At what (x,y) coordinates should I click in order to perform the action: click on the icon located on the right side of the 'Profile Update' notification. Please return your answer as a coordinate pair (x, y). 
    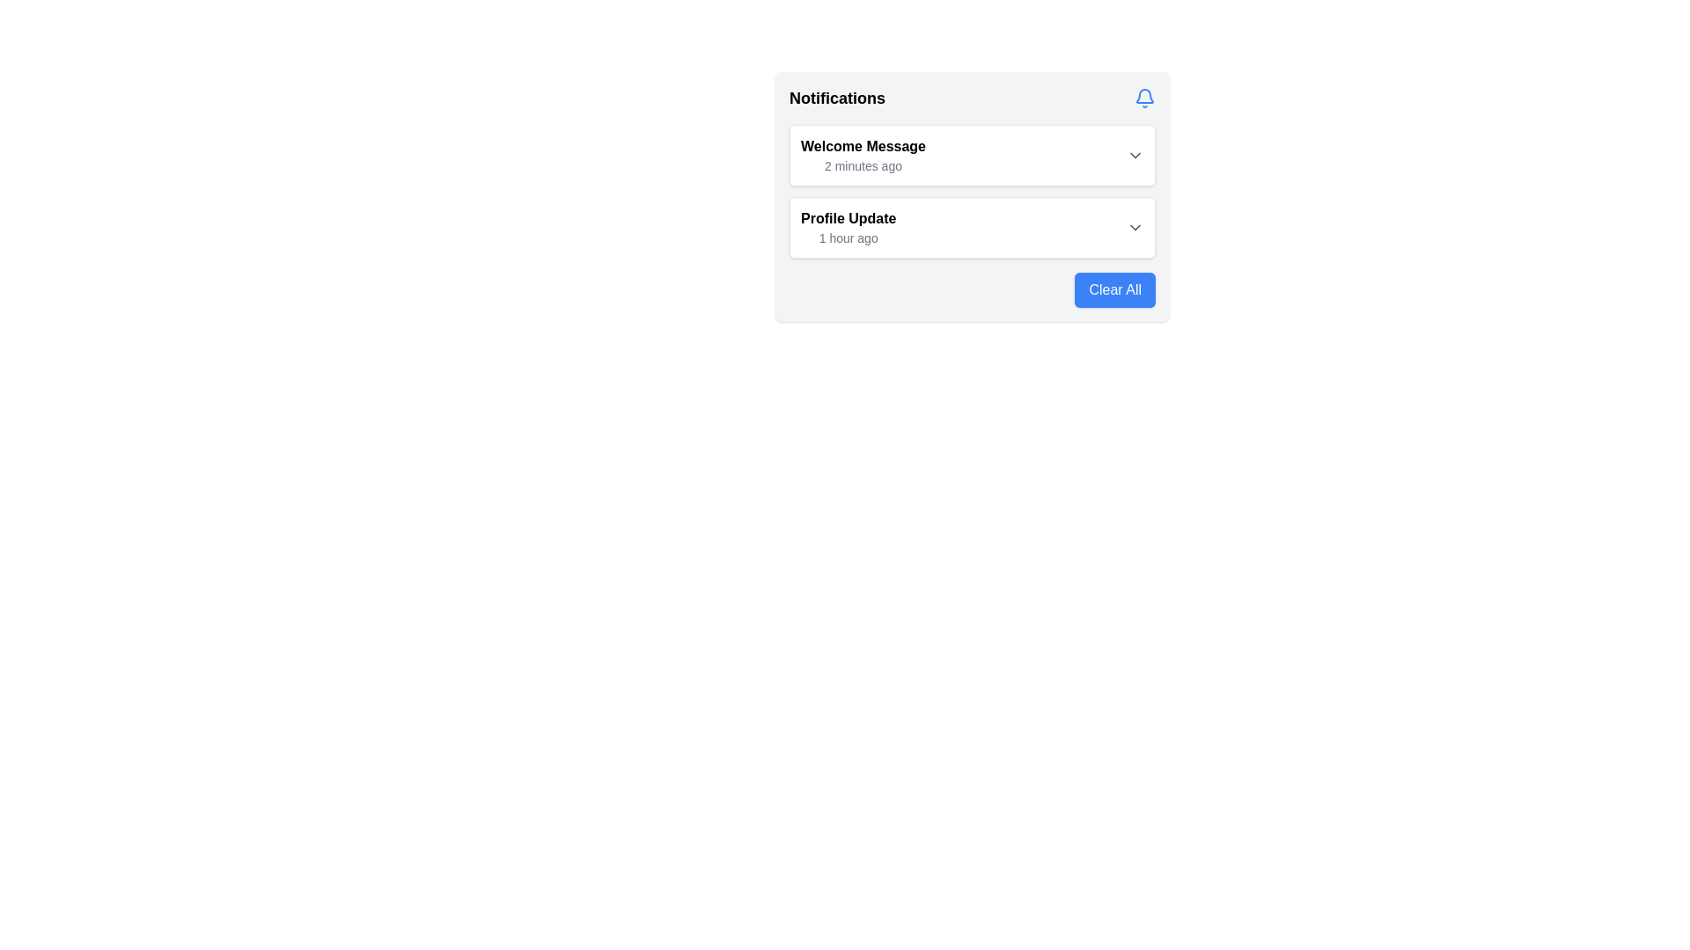
    Looking at the image, I should click on (1135, 226).